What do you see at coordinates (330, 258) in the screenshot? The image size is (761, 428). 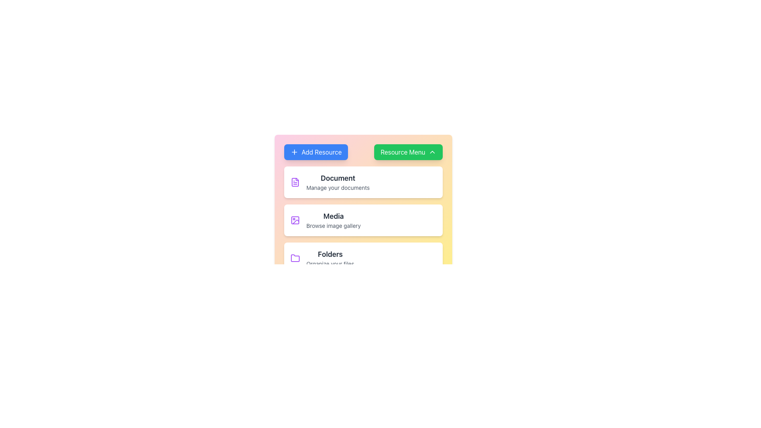 I see `the text block that serves as a title and description for the 'Folders' feature` at bounding box center [330, 258].